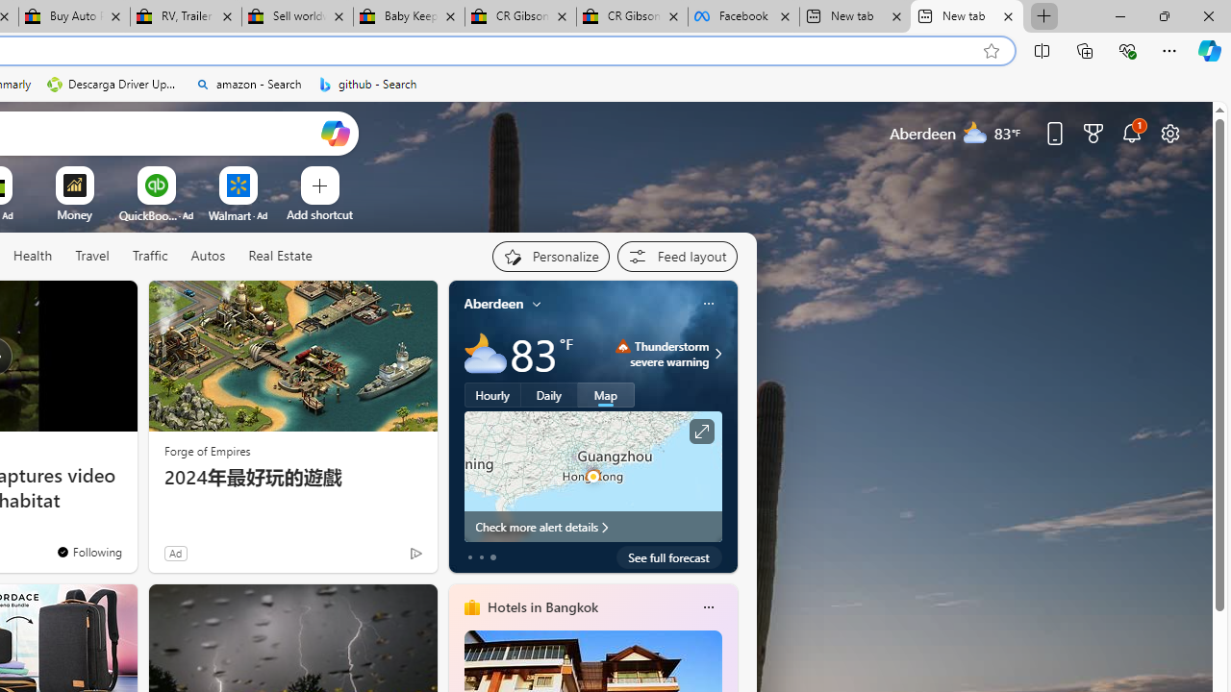  What do you see at coordinates (663, 353) in the screenshot?
I see `'Thunderstorm - Severe Thunderstorm severe warning'` at bounding box center [663, 353].